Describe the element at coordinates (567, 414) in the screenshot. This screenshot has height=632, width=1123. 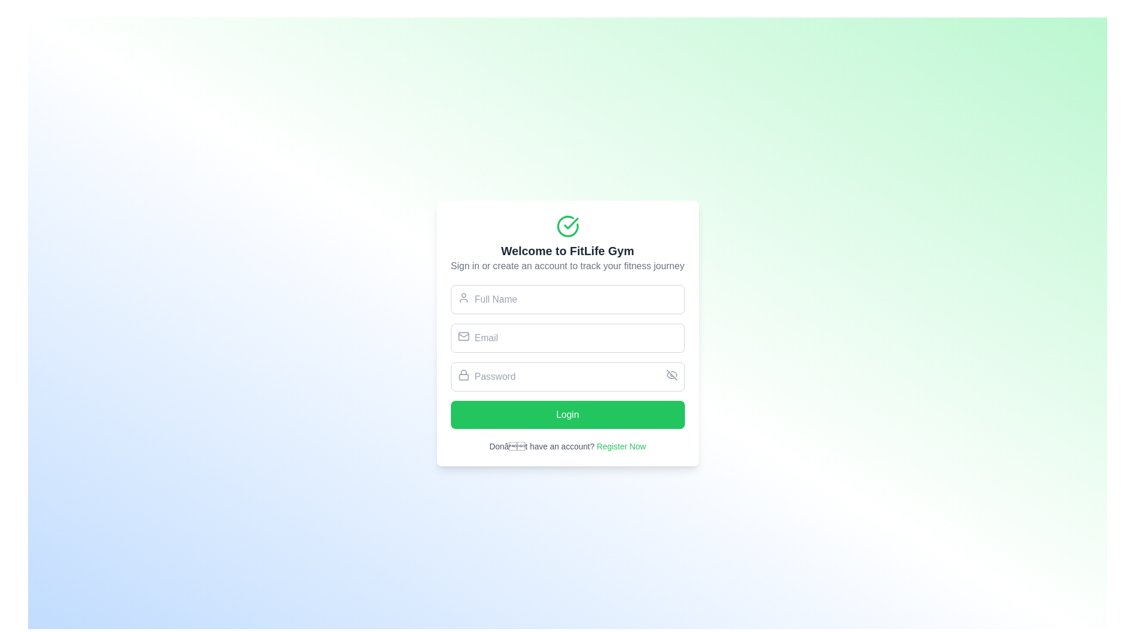
I see `the 'Login' button with a green background and white text` at that location.